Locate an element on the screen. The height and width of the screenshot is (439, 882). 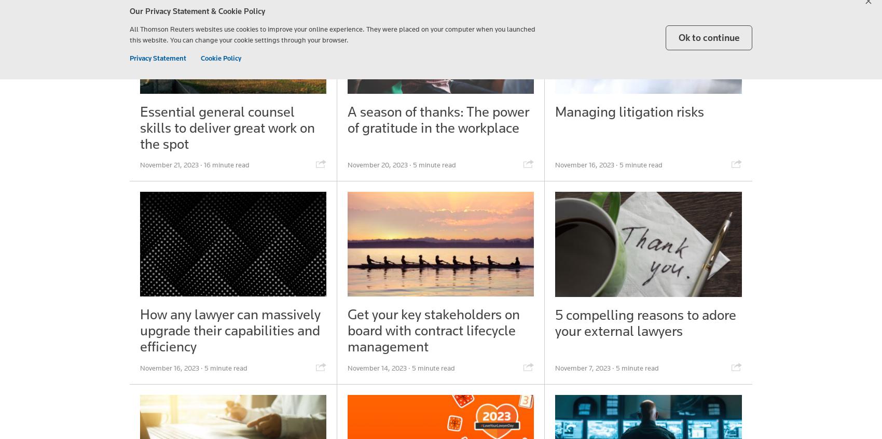
'A season of thanks: The power of gratitude in the workplace' is located at coordinates (437, 119).